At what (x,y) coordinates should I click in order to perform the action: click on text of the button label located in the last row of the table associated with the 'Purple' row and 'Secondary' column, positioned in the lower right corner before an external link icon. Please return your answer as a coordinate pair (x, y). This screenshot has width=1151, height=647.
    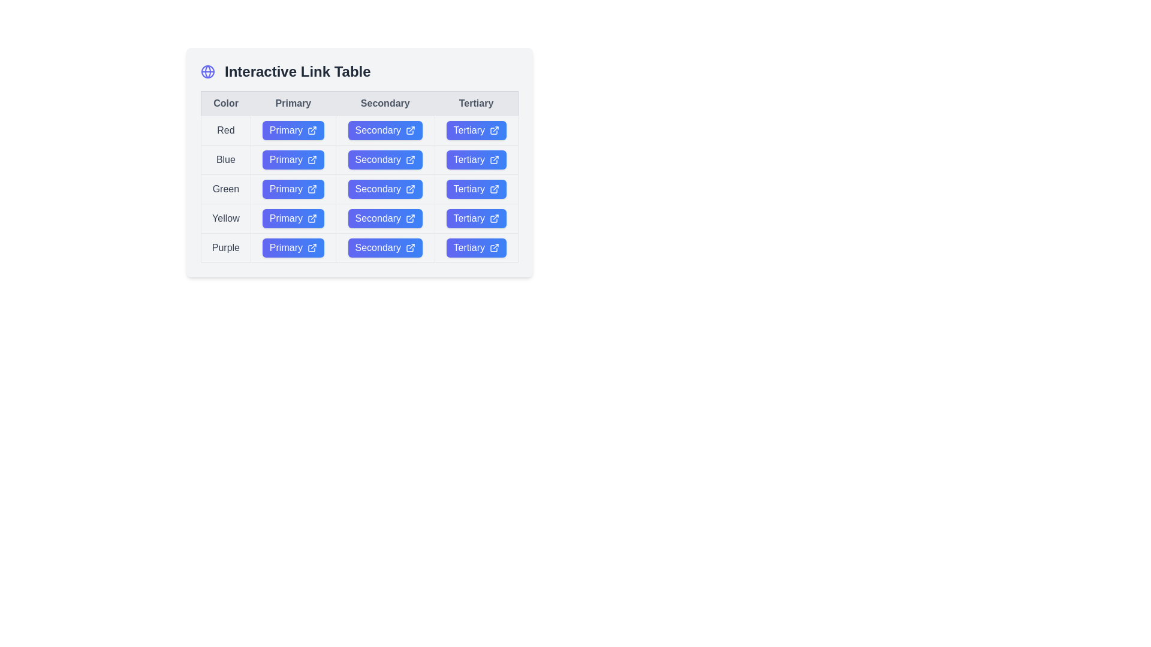
    Looking at the image, I should click on (377, 247).